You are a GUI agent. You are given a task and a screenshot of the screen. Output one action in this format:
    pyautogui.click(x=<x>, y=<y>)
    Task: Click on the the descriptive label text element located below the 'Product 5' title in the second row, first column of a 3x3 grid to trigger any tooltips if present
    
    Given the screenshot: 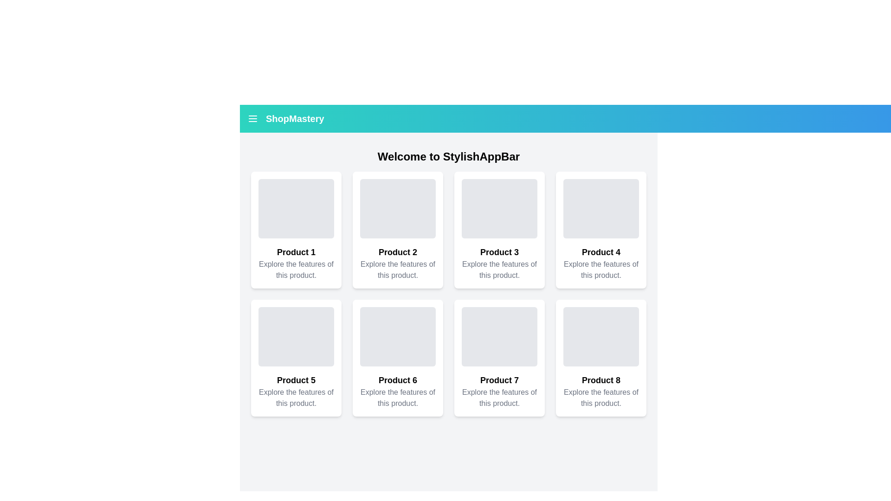 What is the action you would take?
    pyautogui.click(x=296, y=397)
    